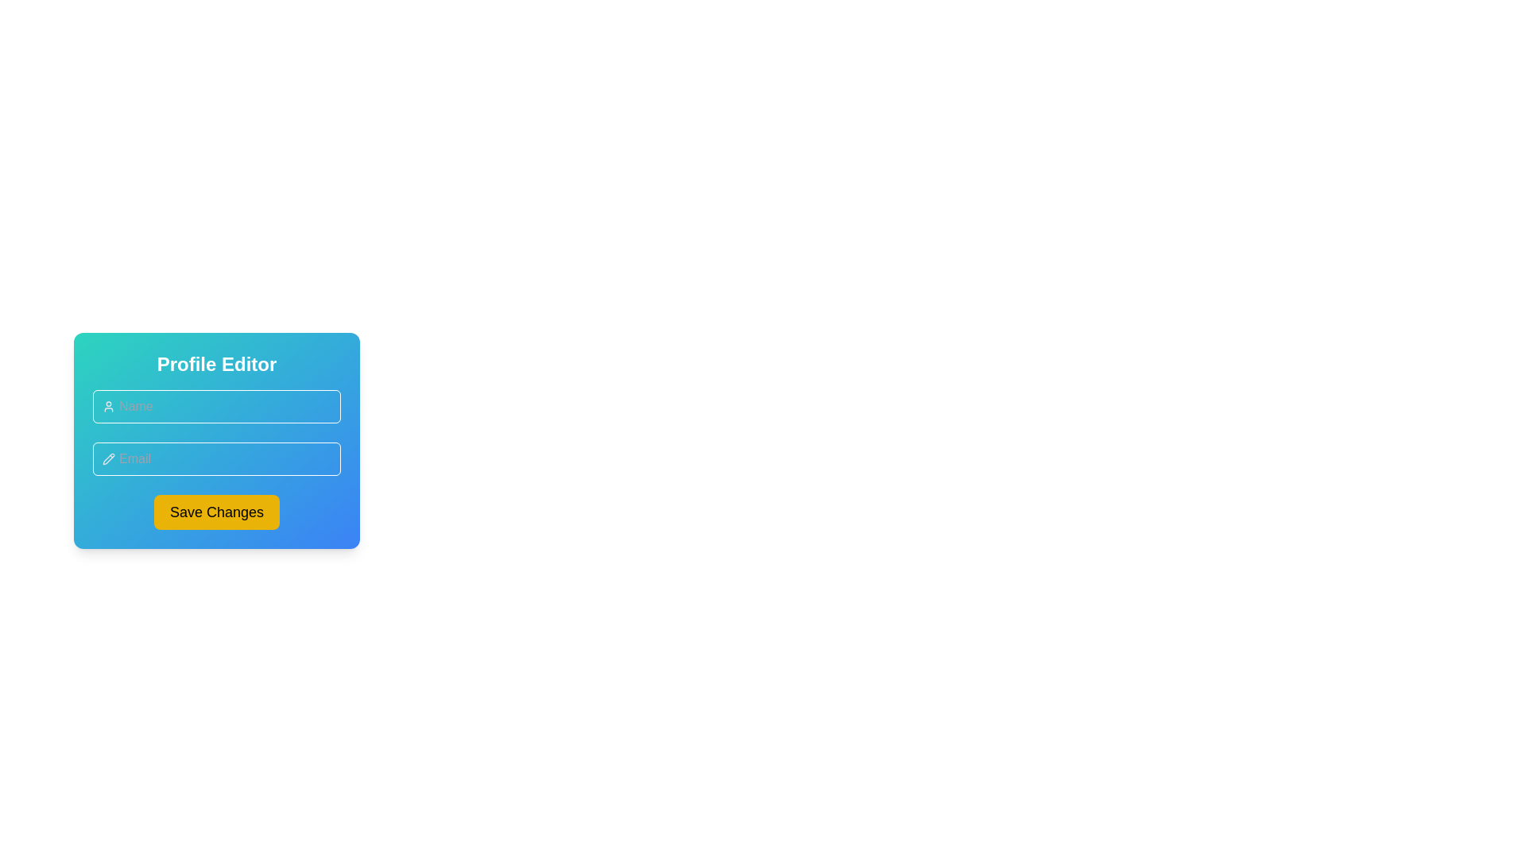 This screenshot has height=858, width=1526. I want to click on the small light gray pencil icon located inside the Email input field in the Profile Editor UI, positioned towards the left side and vertically centered, so click(108, 459).